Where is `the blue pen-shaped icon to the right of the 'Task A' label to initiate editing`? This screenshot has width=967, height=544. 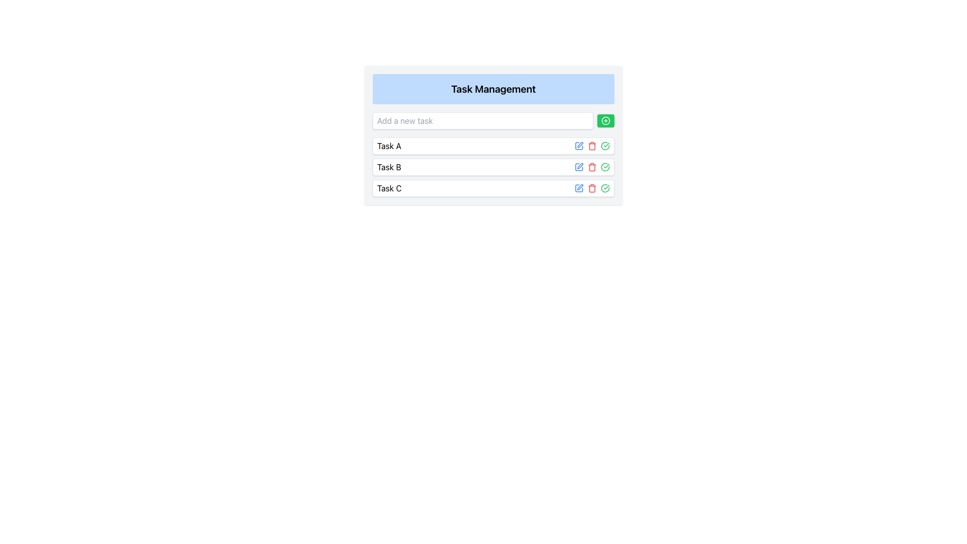 the blue pen-shaped icon to the right of the 'Task A' label to initiate editing is located at coordinates (580, 144).